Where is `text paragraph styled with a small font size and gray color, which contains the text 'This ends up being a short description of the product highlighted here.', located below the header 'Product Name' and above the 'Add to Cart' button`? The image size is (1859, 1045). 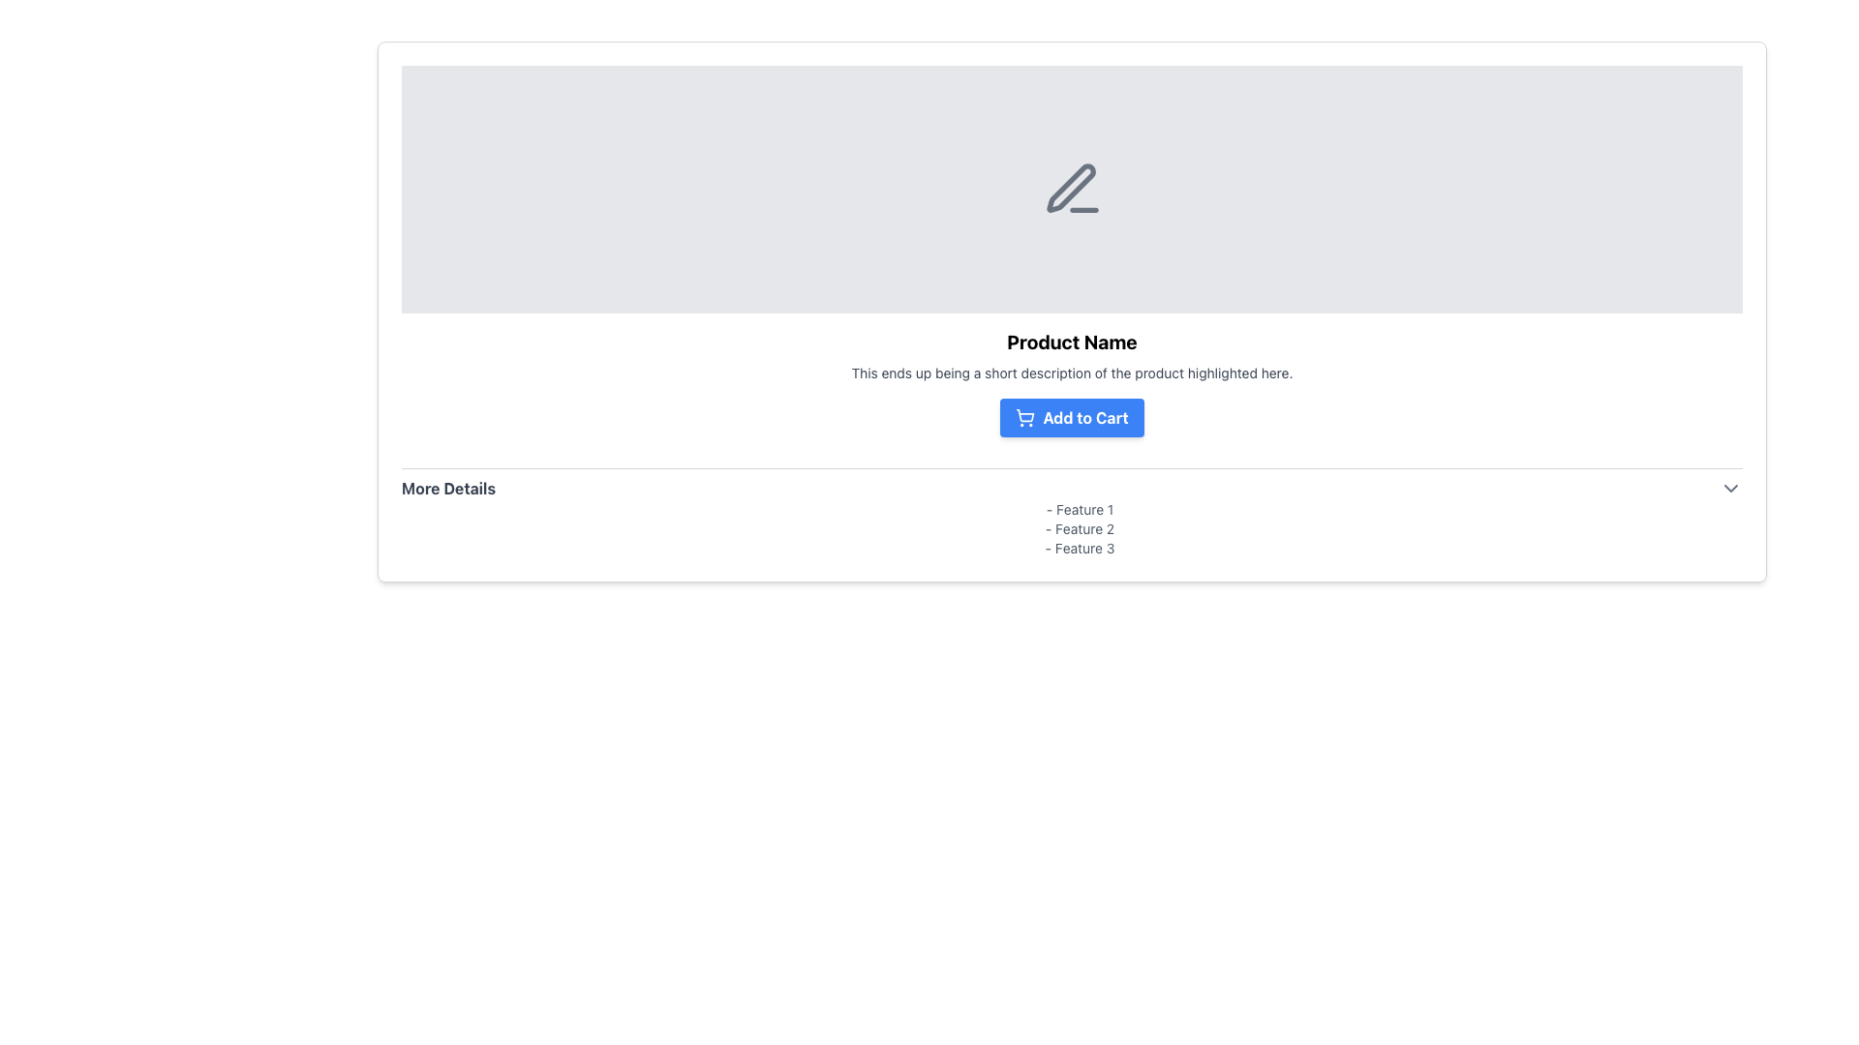
text paragraph styled with a small font size and gray color, which contains the text 'This ends up being a short description of the product highlighted here.', located below the header 'Product Name' and above the 'Add to Cart' button is located at coordinates (1071, 373).